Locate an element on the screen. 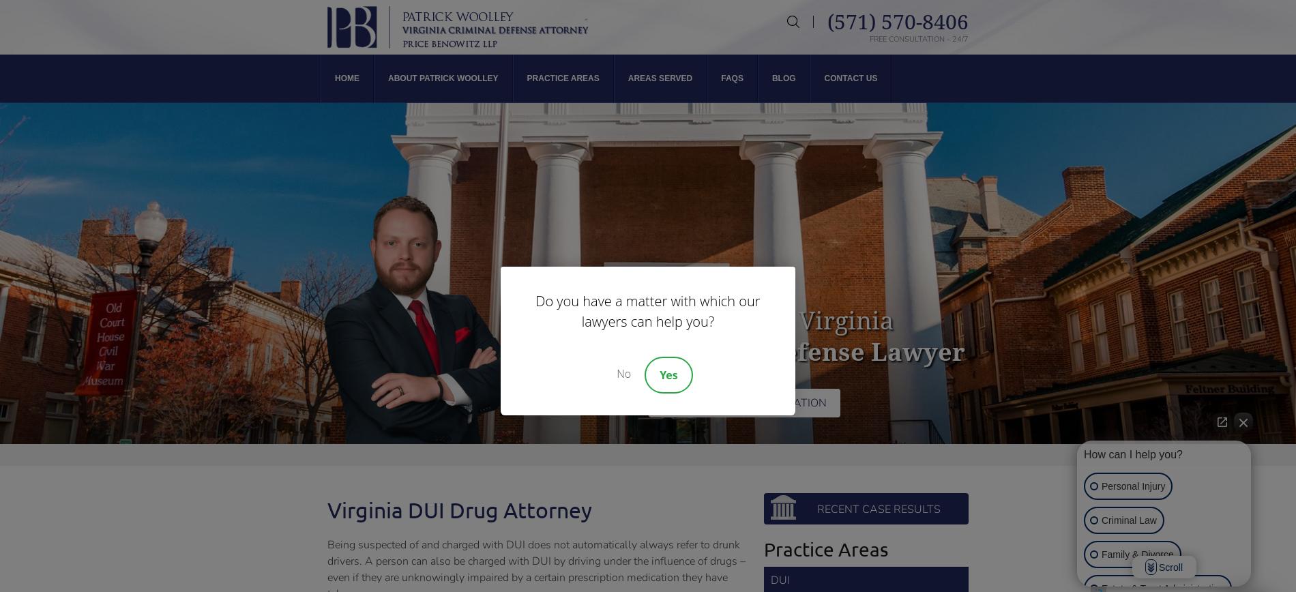 Image resolution: width=1296 pixels, height=592 pixels. 'Request Free Consultation' is located at coordinates (662, 403).